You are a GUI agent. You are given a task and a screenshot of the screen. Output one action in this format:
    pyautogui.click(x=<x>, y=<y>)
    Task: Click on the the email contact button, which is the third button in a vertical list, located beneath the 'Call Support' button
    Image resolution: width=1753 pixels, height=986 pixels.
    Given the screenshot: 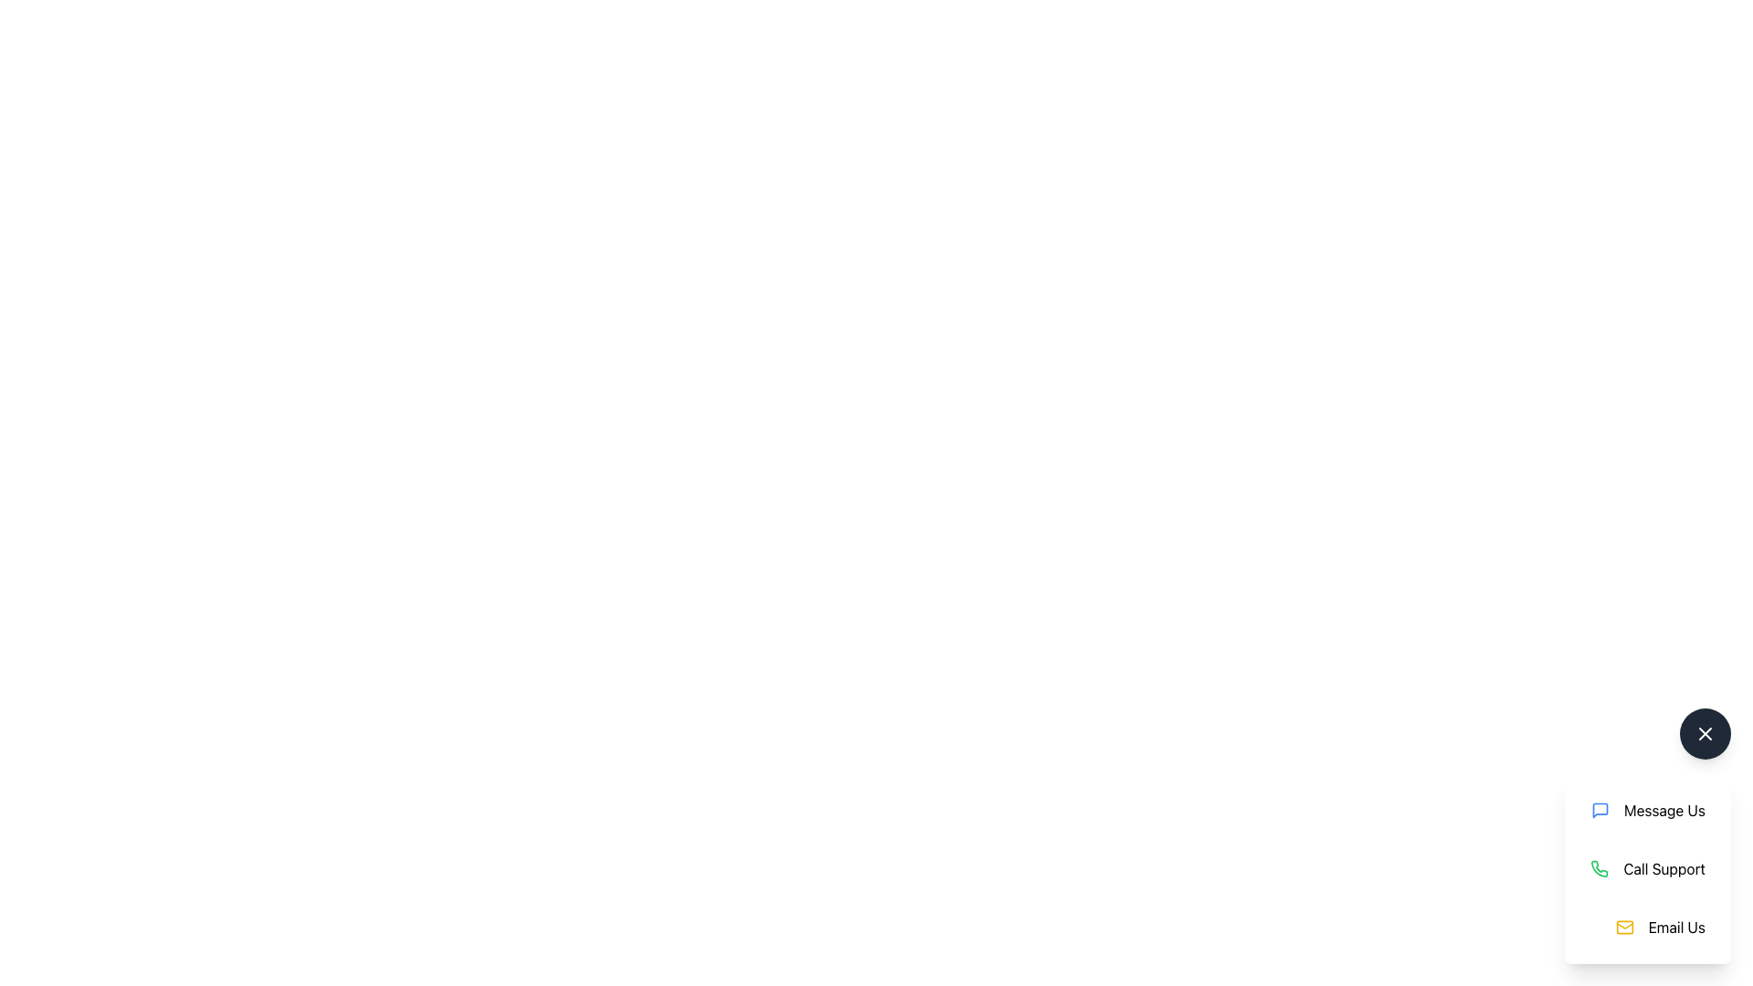 What is the action you would take?
    pyautogui.click(x=1660, y=927)
    